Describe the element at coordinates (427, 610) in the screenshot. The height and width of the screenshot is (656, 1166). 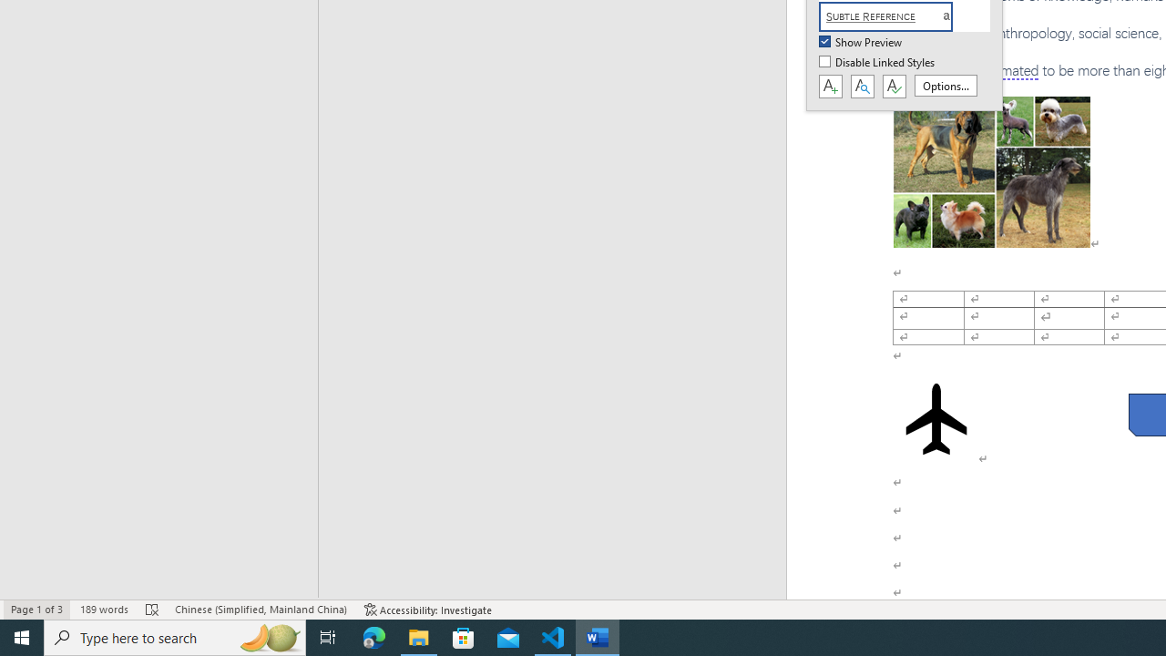
I see `'Accessibility Checker Accessibility: Investigate'` at that location.